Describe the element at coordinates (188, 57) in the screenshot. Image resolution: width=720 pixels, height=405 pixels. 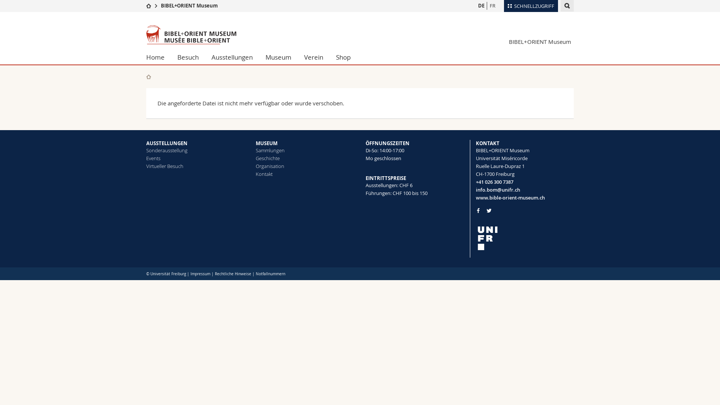
I see `'Besuch'` at that location.